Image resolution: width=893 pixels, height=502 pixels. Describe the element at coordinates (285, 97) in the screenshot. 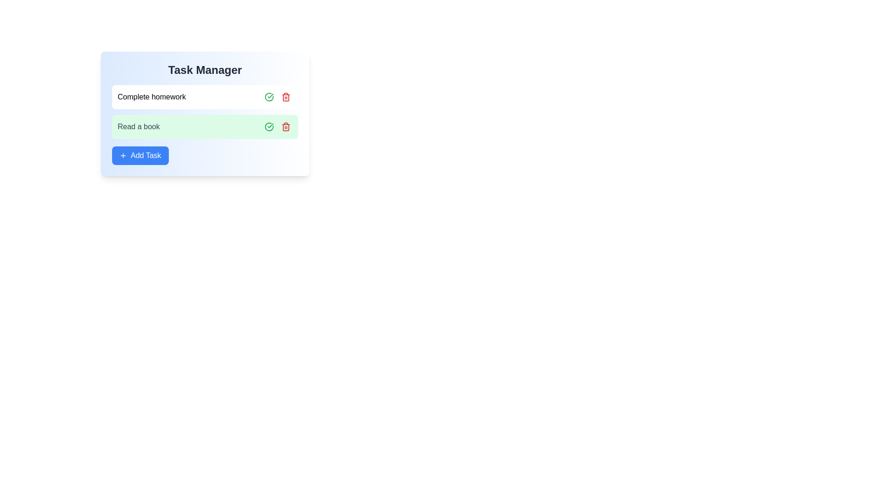

I see `the red trash can icon to remove the task Complete homework` at that location.